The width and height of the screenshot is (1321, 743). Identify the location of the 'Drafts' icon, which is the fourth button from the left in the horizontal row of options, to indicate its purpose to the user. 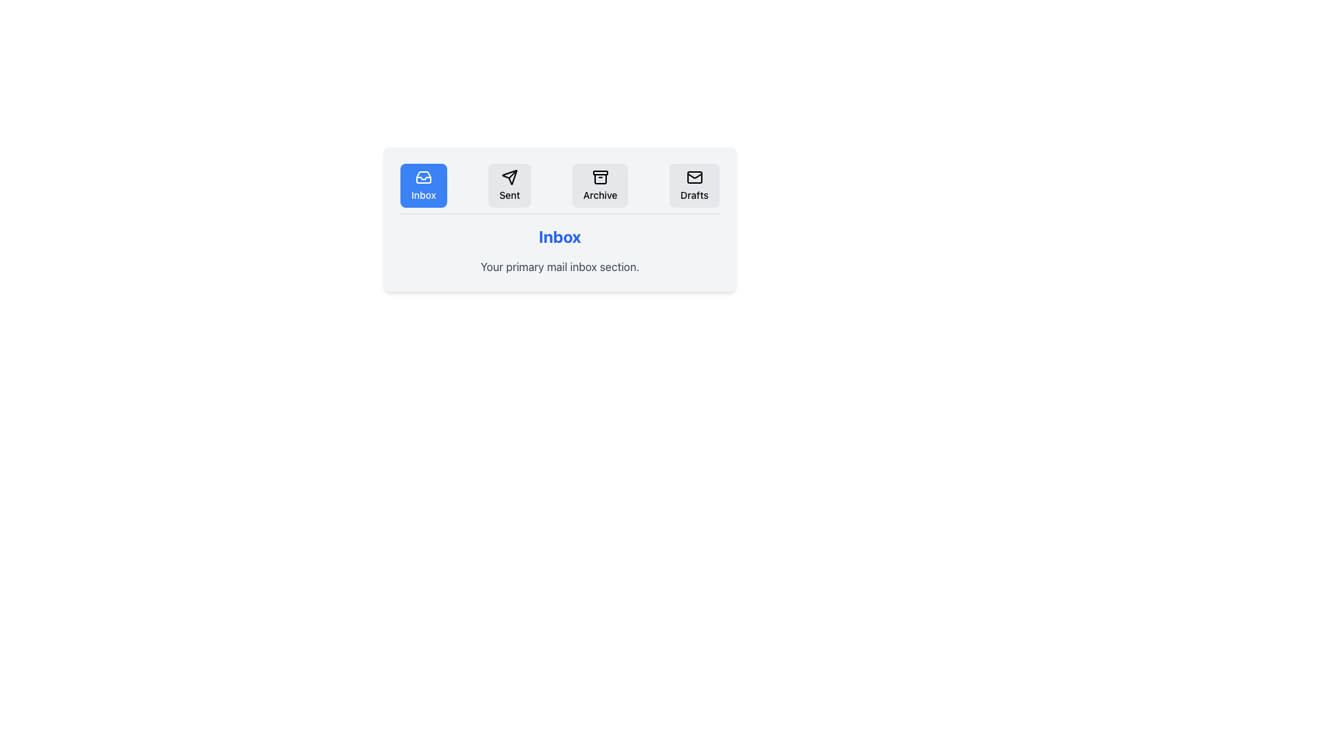
(694, 177).